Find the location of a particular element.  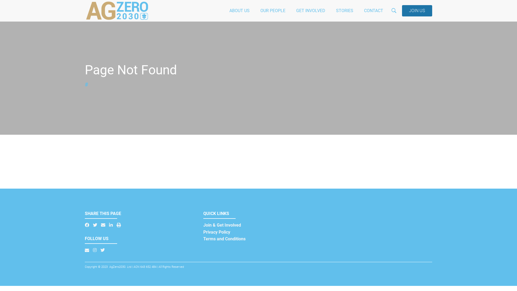

'Instagram' is located at coordinates (95, 250).